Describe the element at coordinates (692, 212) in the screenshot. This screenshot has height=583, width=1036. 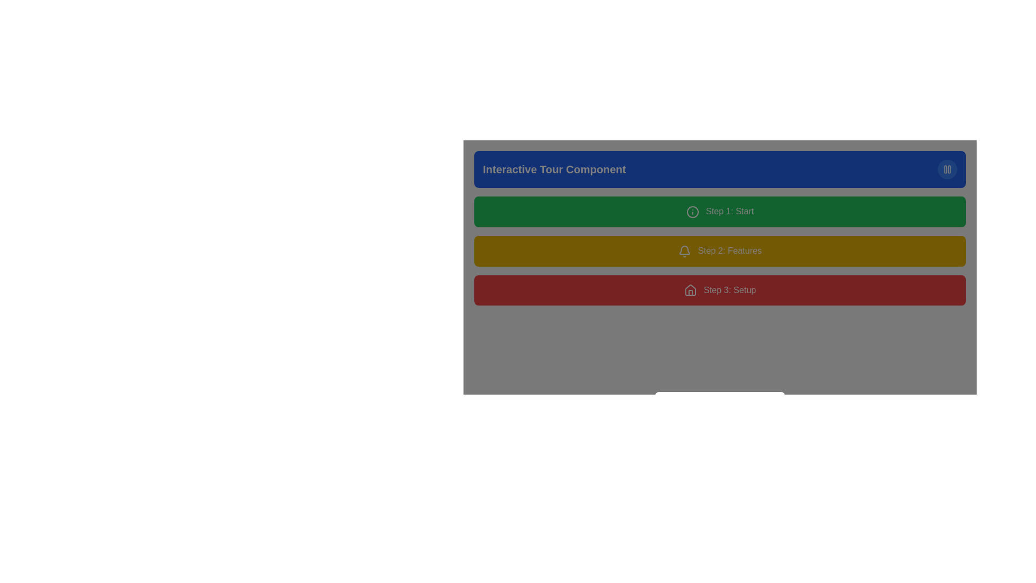
I see `the visual marker icon representing 'Step 1: Start', which is located inside the green section on the left side of the label` at that location.